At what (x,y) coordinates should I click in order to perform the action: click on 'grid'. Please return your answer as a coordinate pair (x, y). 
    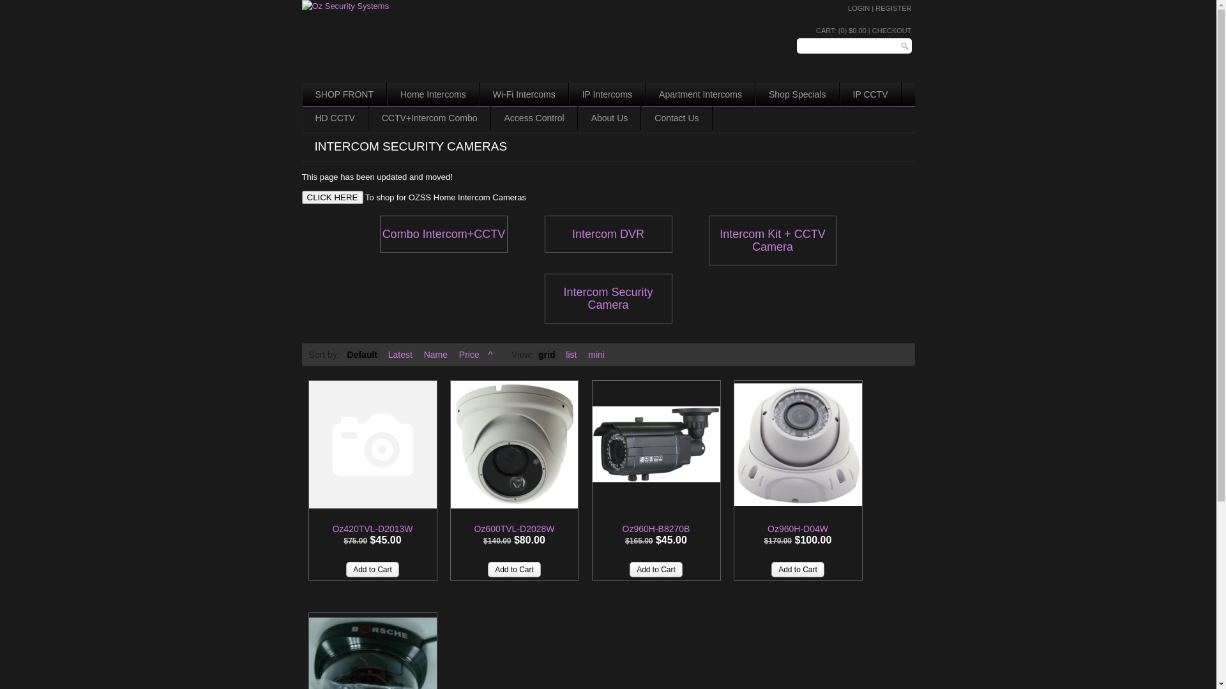
    Looking at the image, I should click on (536, 354).